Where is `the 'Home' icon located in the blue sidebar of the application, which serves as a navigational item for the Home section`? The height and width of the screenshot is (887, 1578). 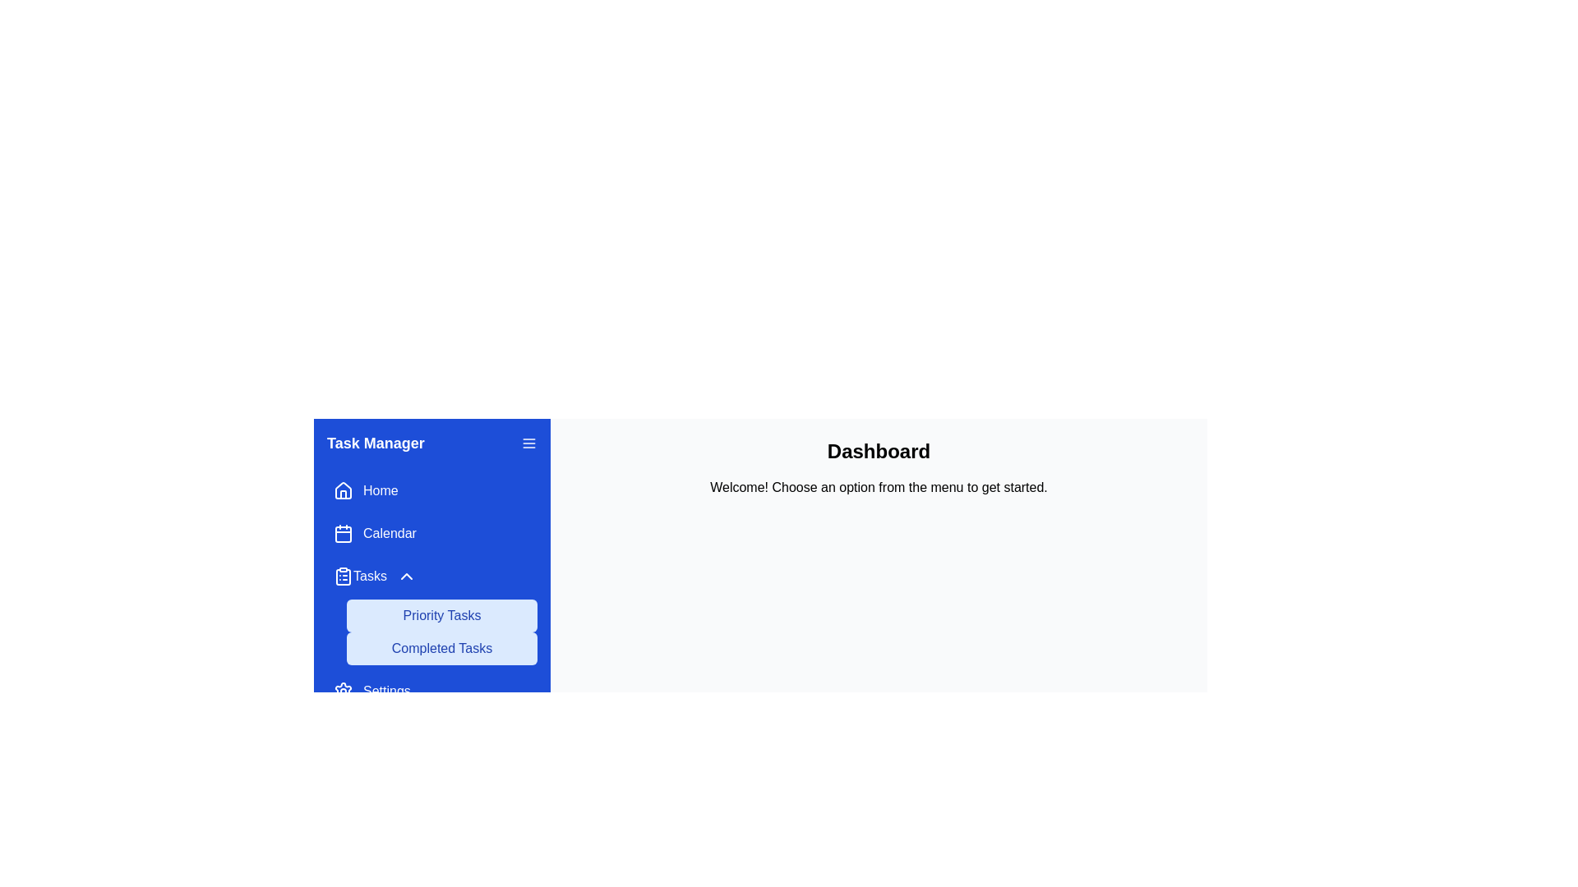 the 'Home' icon located in the blue sidebar of the application, which serves as a navigational item for the Home section is located at coordinates (342, 489).